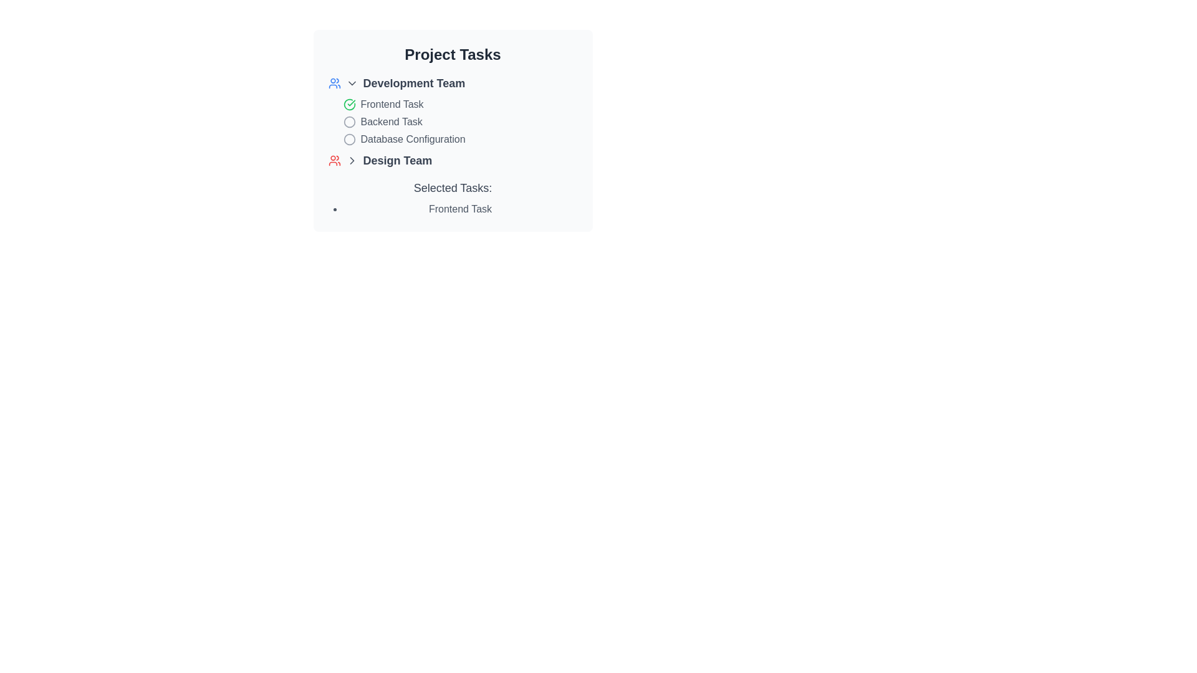  Describe the element at coordinates (349, 104) in the screenshot. I see `the confirmation checkmark icon, which is a small circular icon with a green outline located to the left of the text 'Frontend Task'` at that location.